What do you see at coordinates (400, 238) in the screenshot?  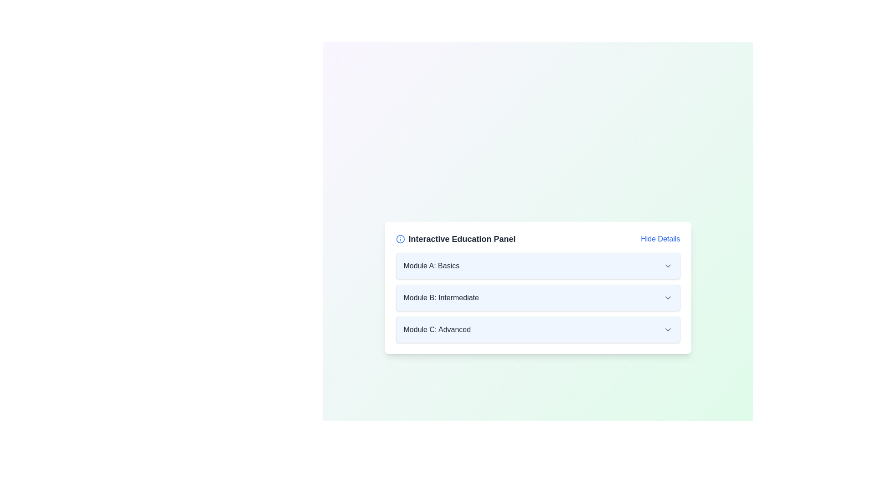 I see `blue circular shape within the information icon located to the left of the 'Interactive Education Panel' text` at bounding box center [400, 238].